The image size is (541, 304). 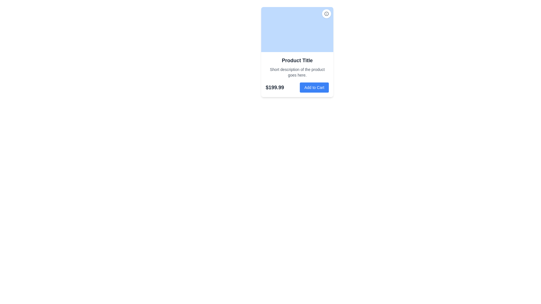 I want to click on the circular button with a white background and information icon in the top-right corner of the product card, so click(x=326, y=14).